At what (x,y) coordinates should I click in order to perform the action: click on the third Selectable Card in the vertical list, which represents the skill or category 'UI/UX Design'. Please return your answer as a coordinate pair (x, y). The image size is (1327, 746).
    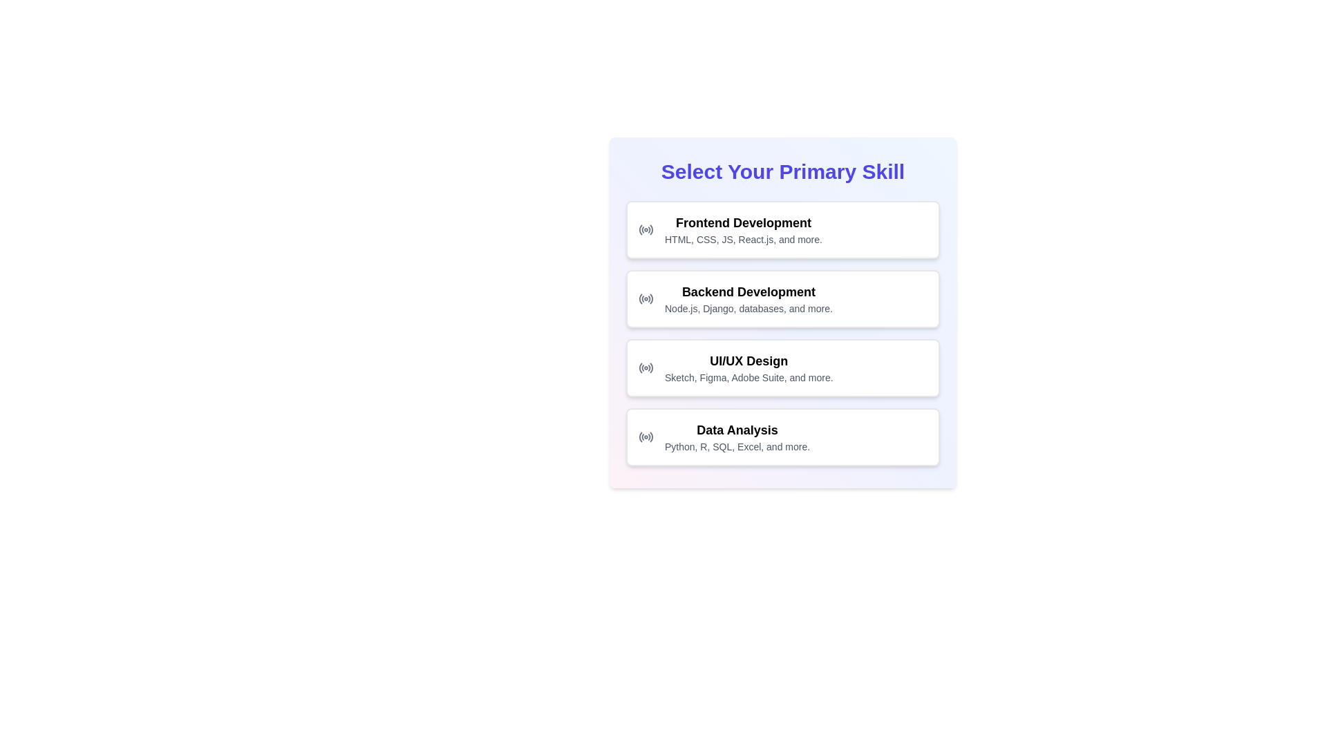
    Looking at the image, I should click on (782, 367).